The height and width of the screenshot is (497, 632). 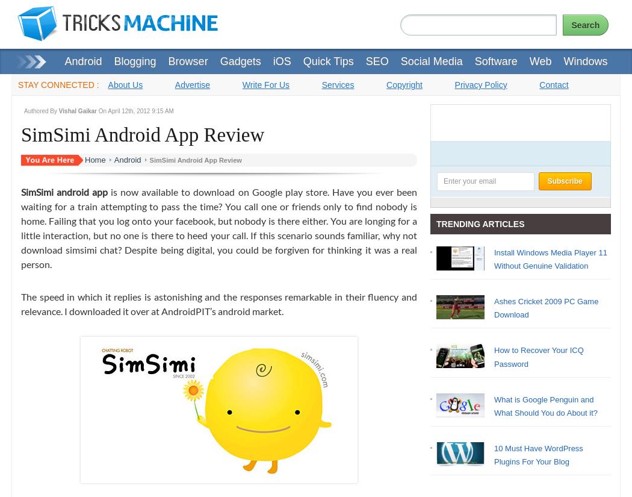 I want to click on 'On April 12th, 2012 9:15 AM', so click(x=134, y=111).